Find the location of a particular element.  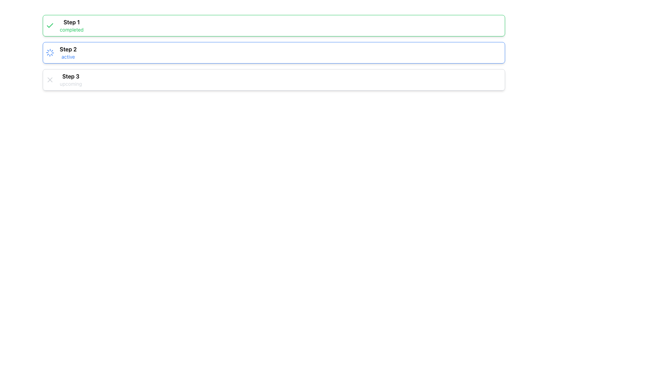

the active status indicator card representing 'Step 2' in the multi-step process by moving the cursor to its center is located at coordinates (273, 52).